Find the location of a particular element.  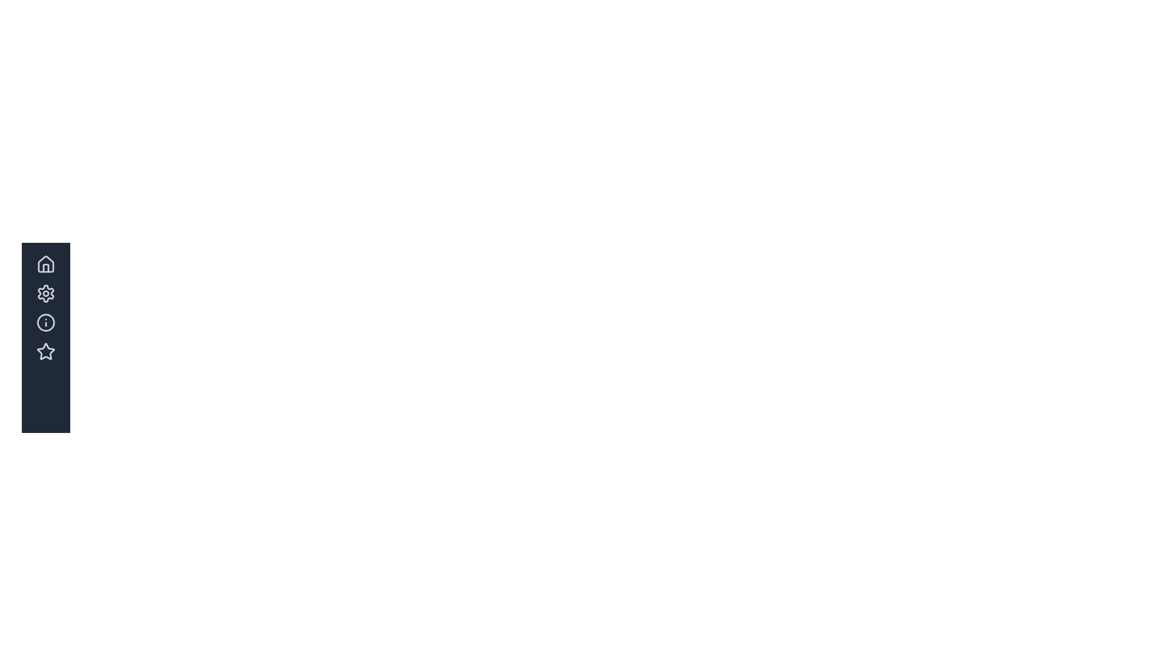

the third button in the vertical stack of options located in the narrow dark sidebar is located at coordinates (46, 322).